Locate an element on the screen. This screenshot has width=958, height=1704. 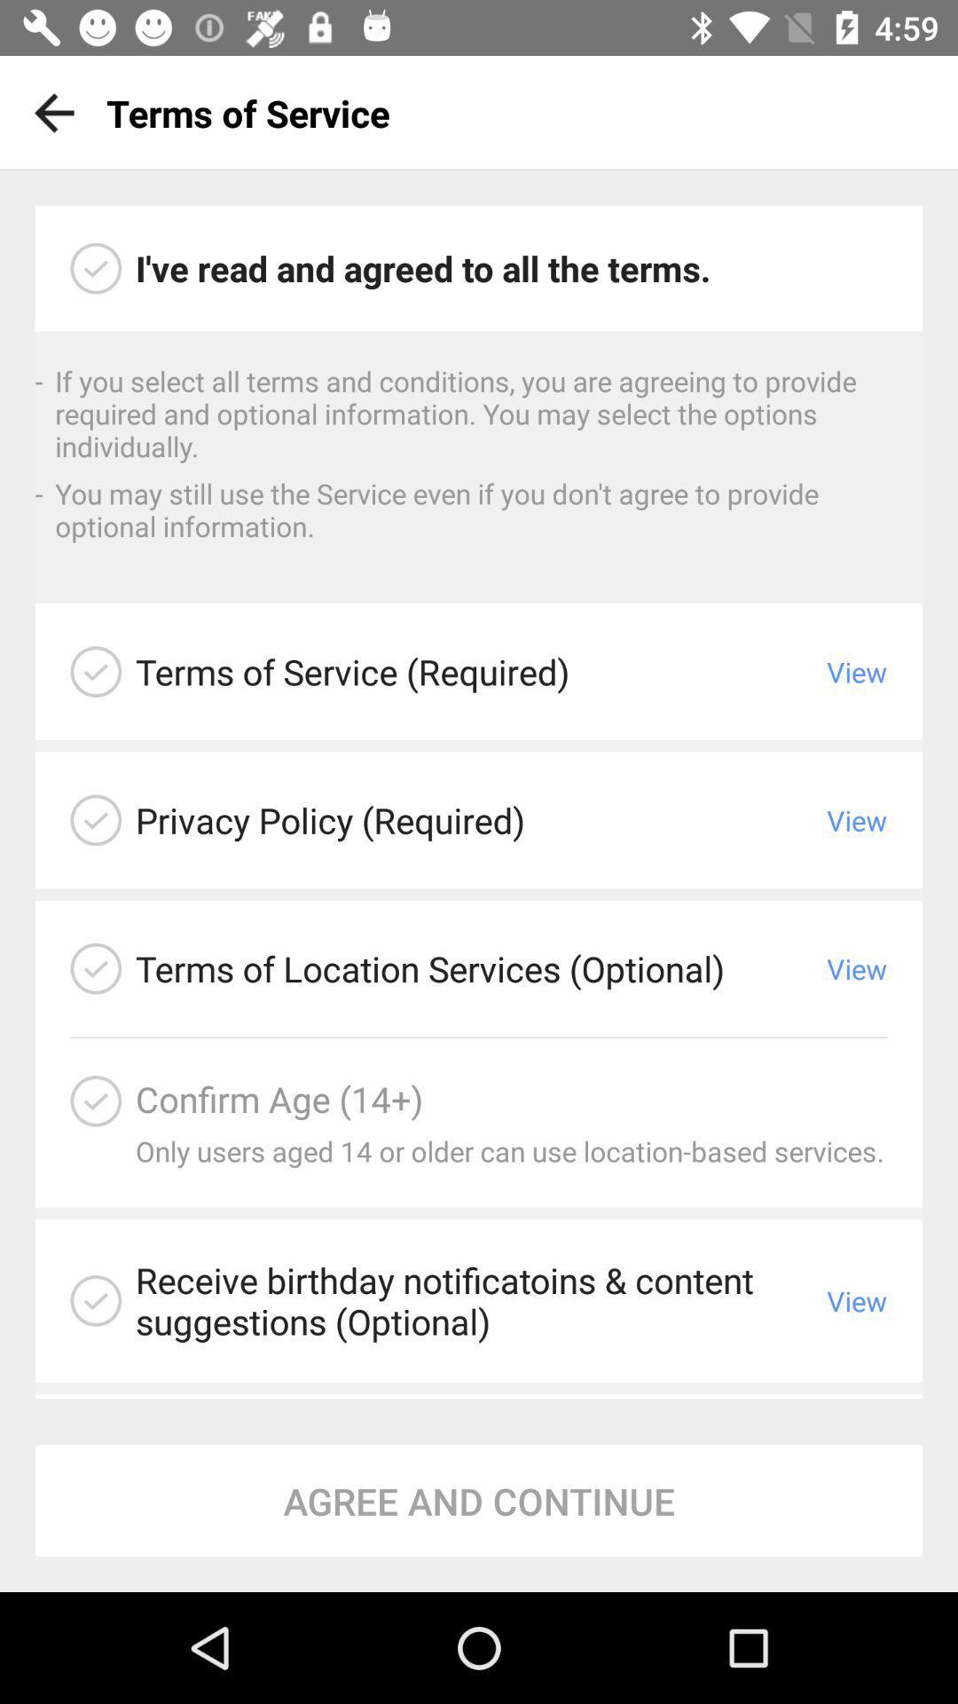
read terms and conditions is located at coordinates (96, 671).